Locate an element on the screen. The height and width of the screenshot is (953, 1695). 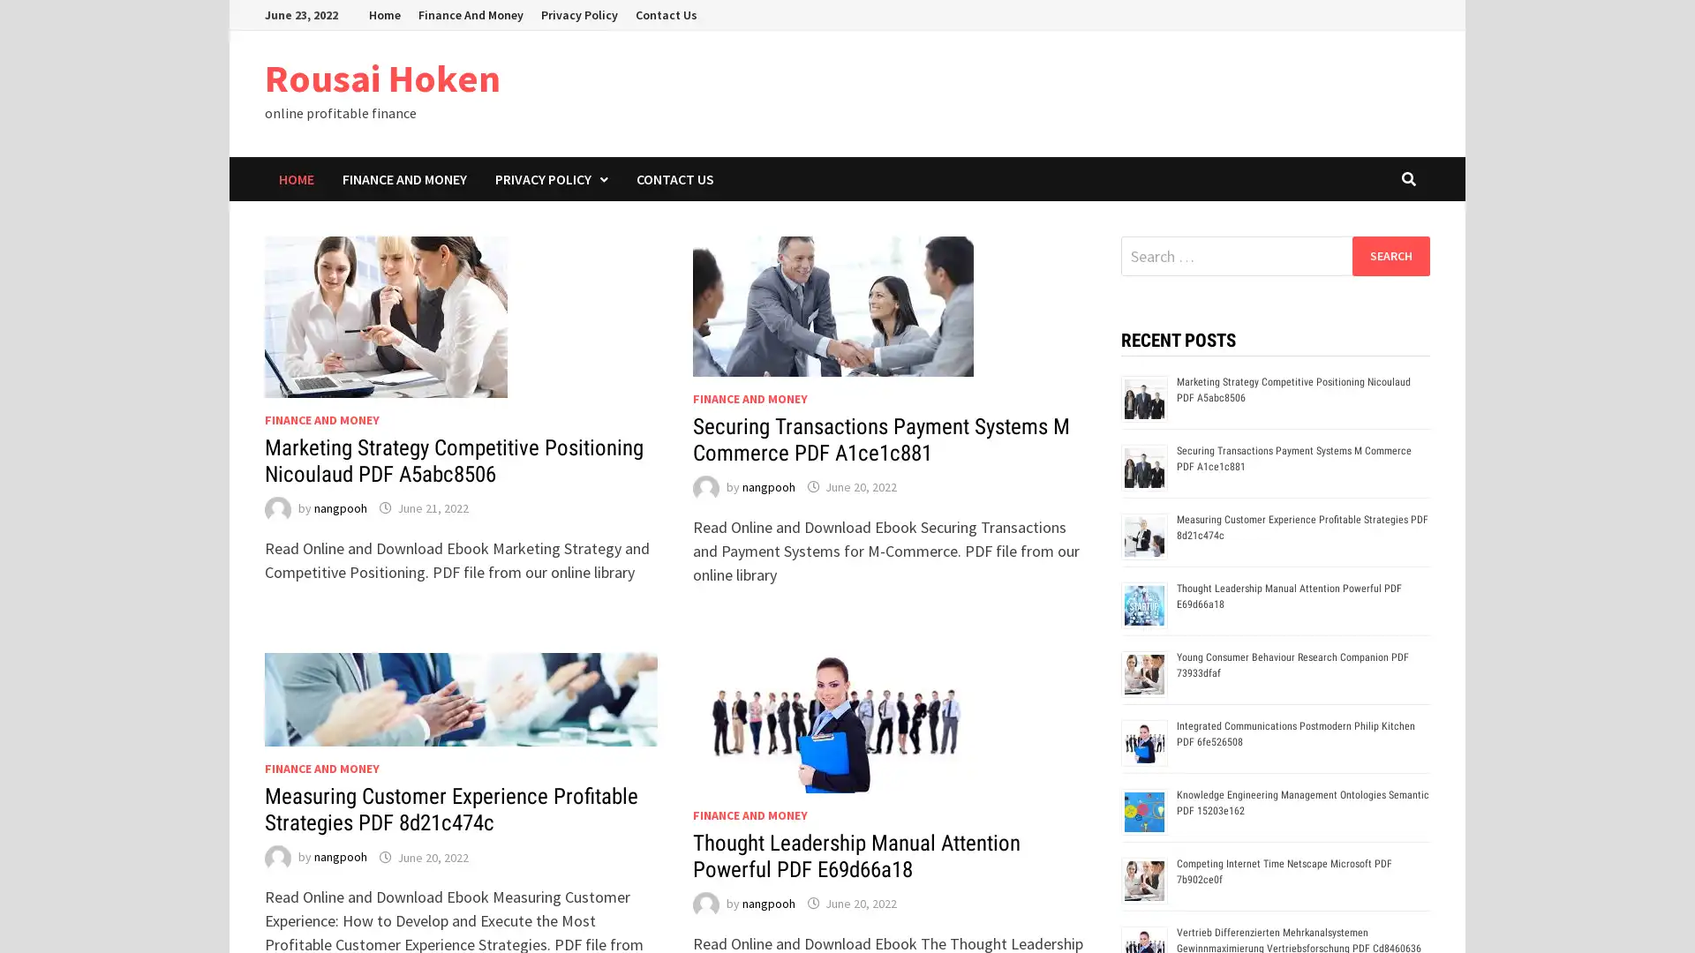
Search is located at coordinates (1390, 255).